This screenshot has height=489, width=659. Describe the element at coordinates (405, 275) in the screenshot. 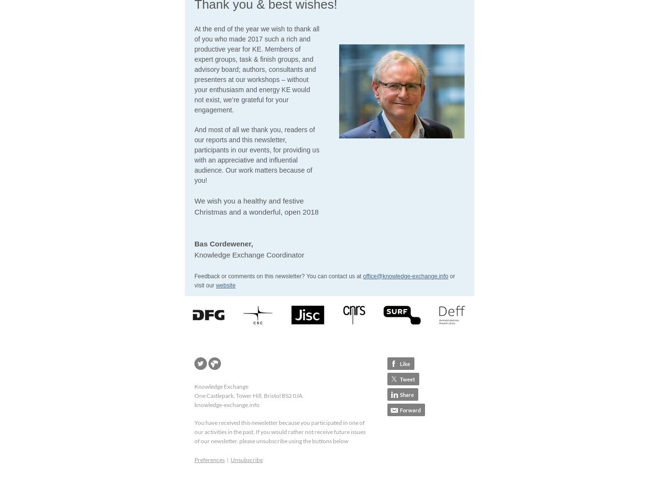

I see `'office@knowledge-exchange.info'` at that location.